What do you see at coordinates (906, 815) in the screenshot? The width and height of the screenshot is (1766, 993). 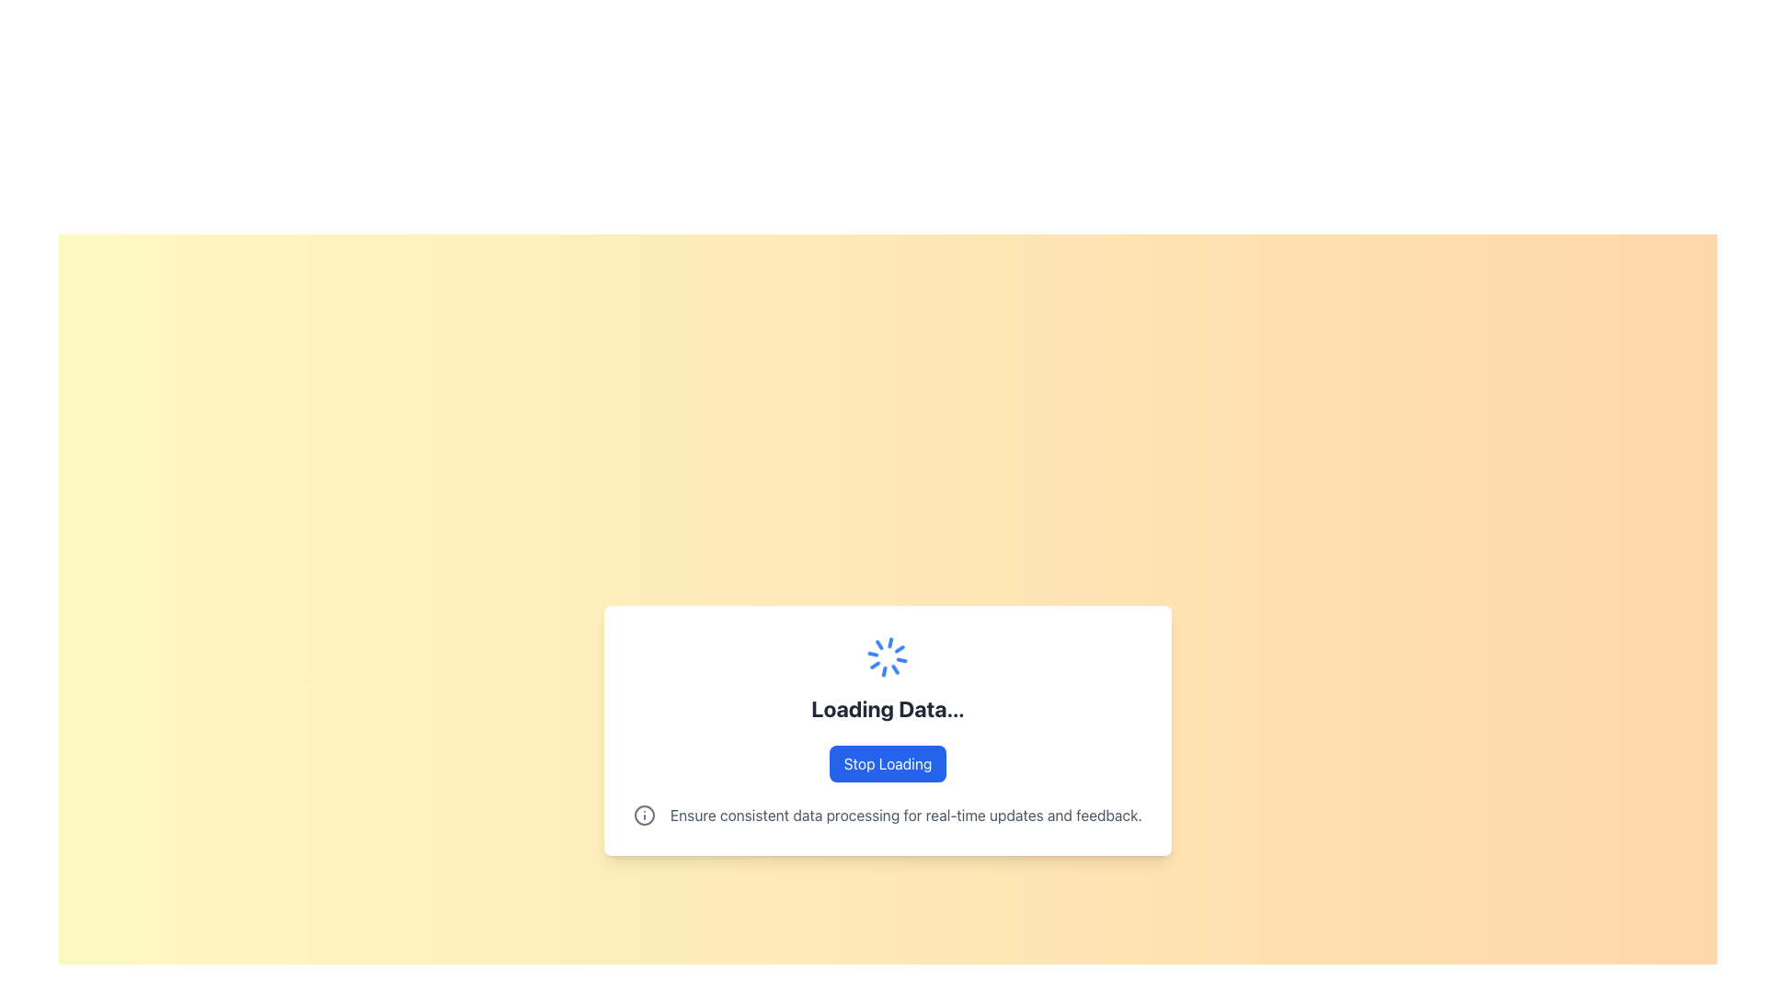 I see `the descriptive text element located at the bottom portion of the card-like interface, to the right of the information icon` at bounding box center [906, 815].